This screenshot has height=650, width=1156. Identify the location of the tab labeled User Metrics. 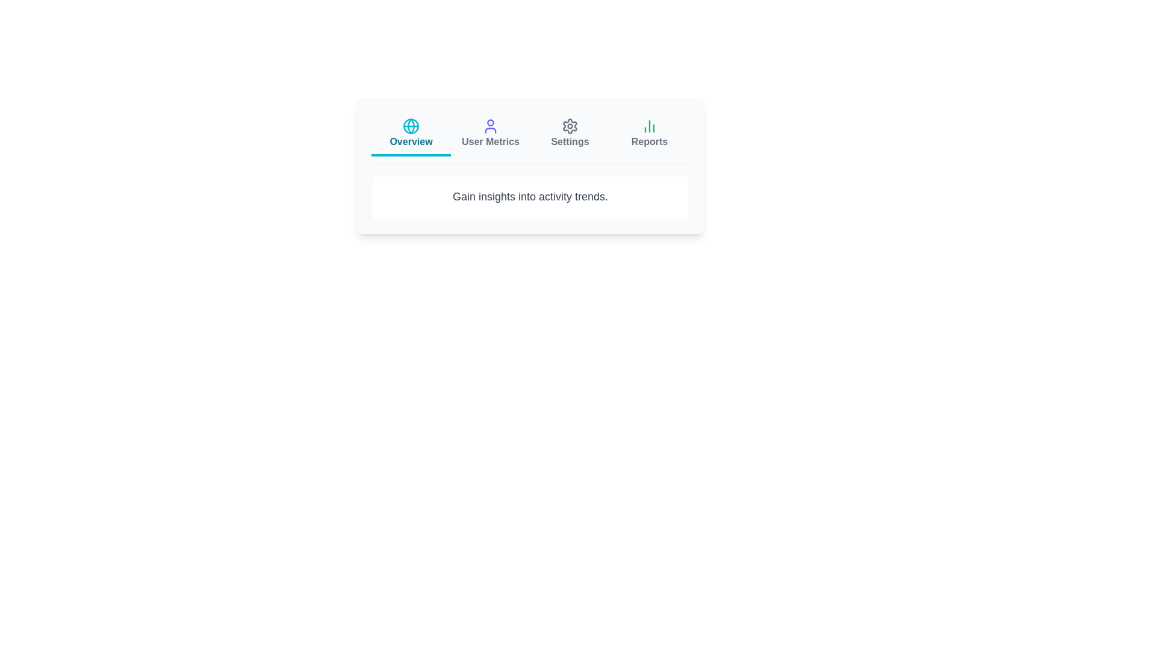
(491, 134).